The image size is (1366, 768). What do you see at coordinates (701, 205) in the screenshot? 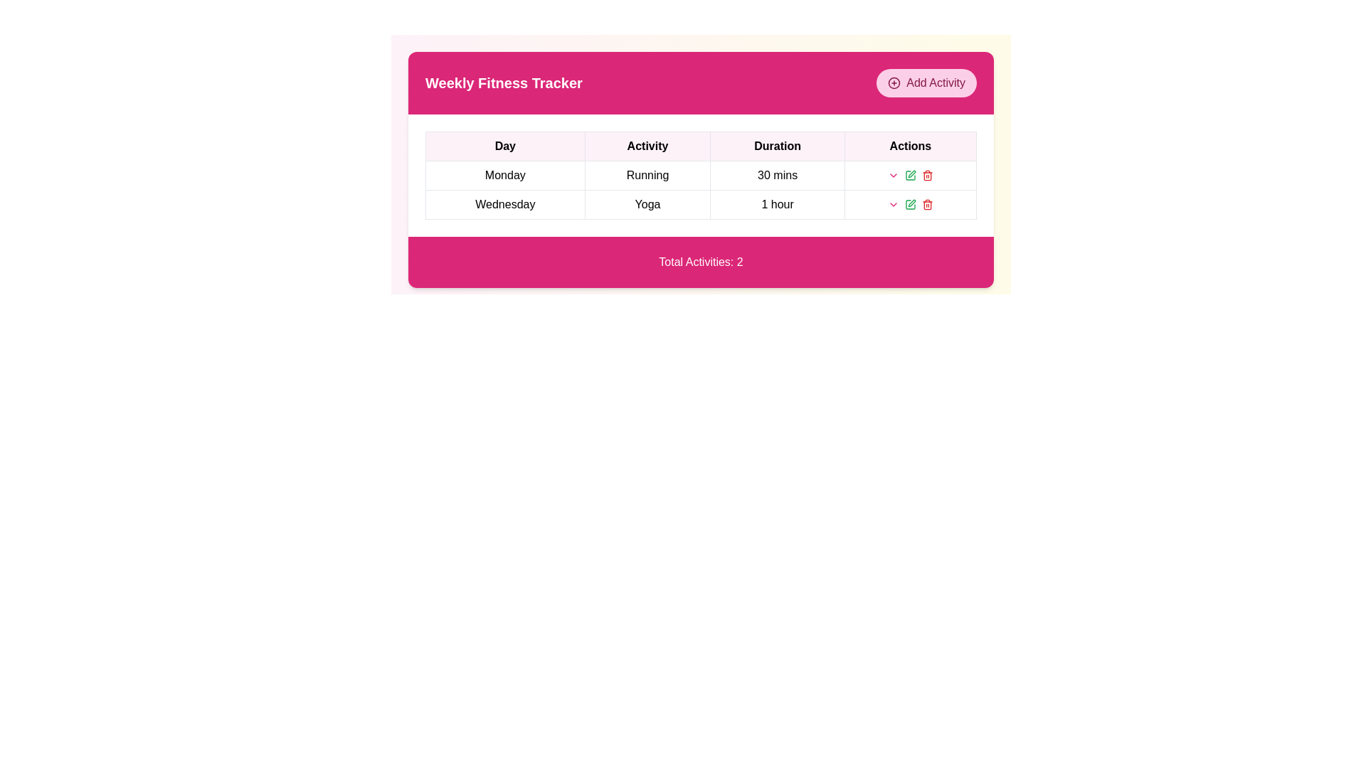
I see `the second row of the fitness tracker table, which contains details about a specific activity record, including the day, activity type, duration, and available actions` at bounding box center [701, 205].